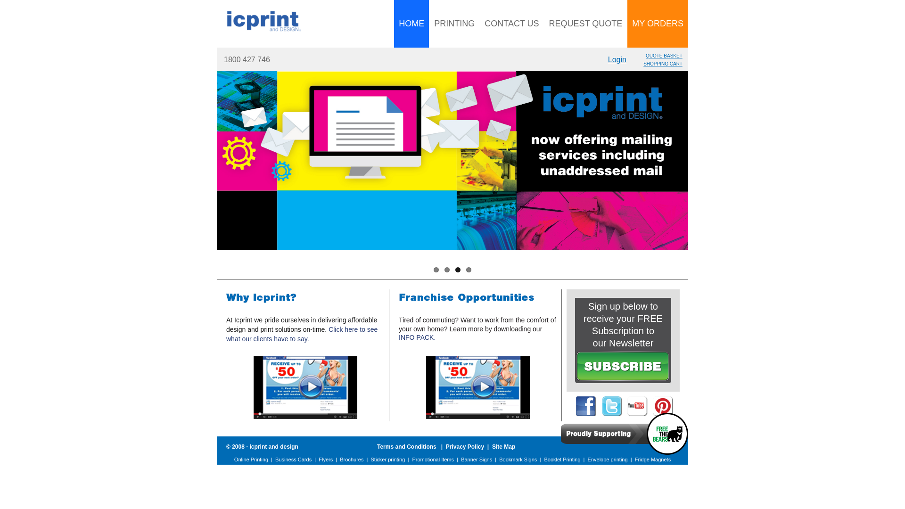 Image resolution: width=905 pixels, height=509 pixels. What do you see at coordinates (416, 337) in the screenshot?
I see `'INFO PACK.'` at bounding box center [416, 337].